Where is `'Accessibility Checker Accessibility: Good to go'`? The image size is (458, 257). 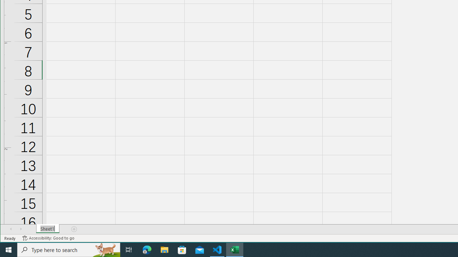 'Accessibility Checker Accessibility: Good to go' is located at coordinates (48, 238).